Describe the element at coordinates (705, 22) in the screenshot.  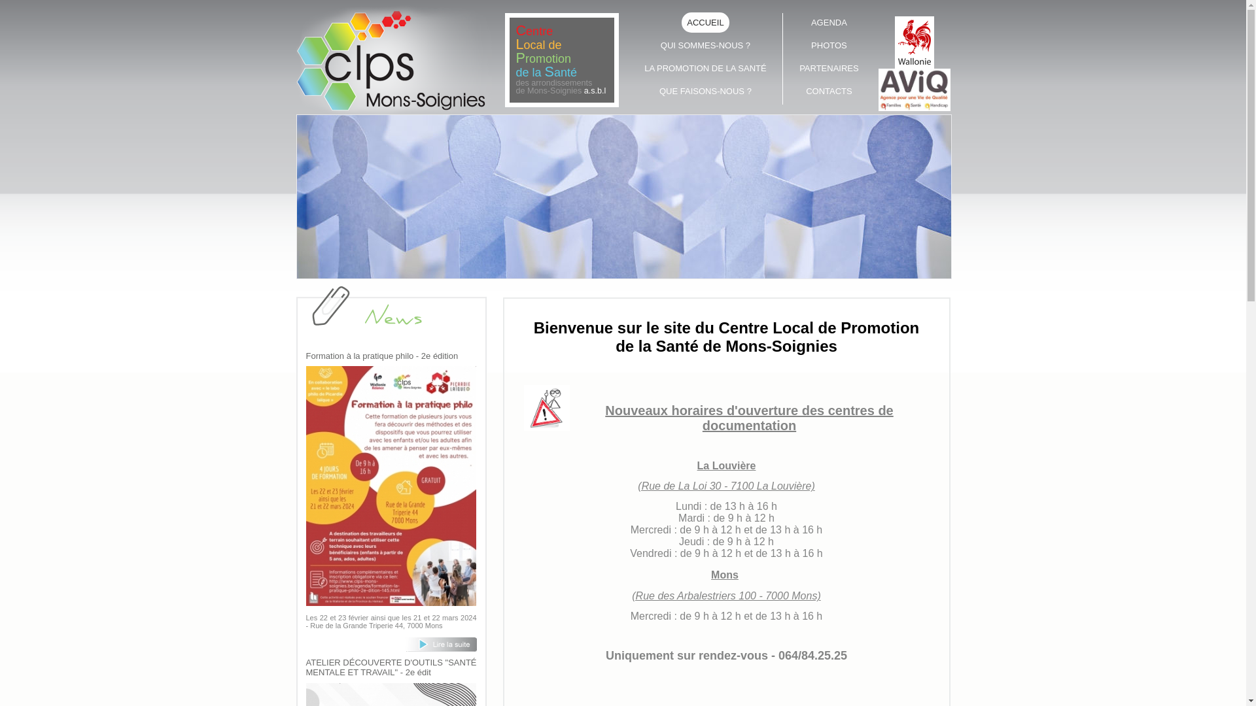
I see `'ACCUEIL'` at that location.